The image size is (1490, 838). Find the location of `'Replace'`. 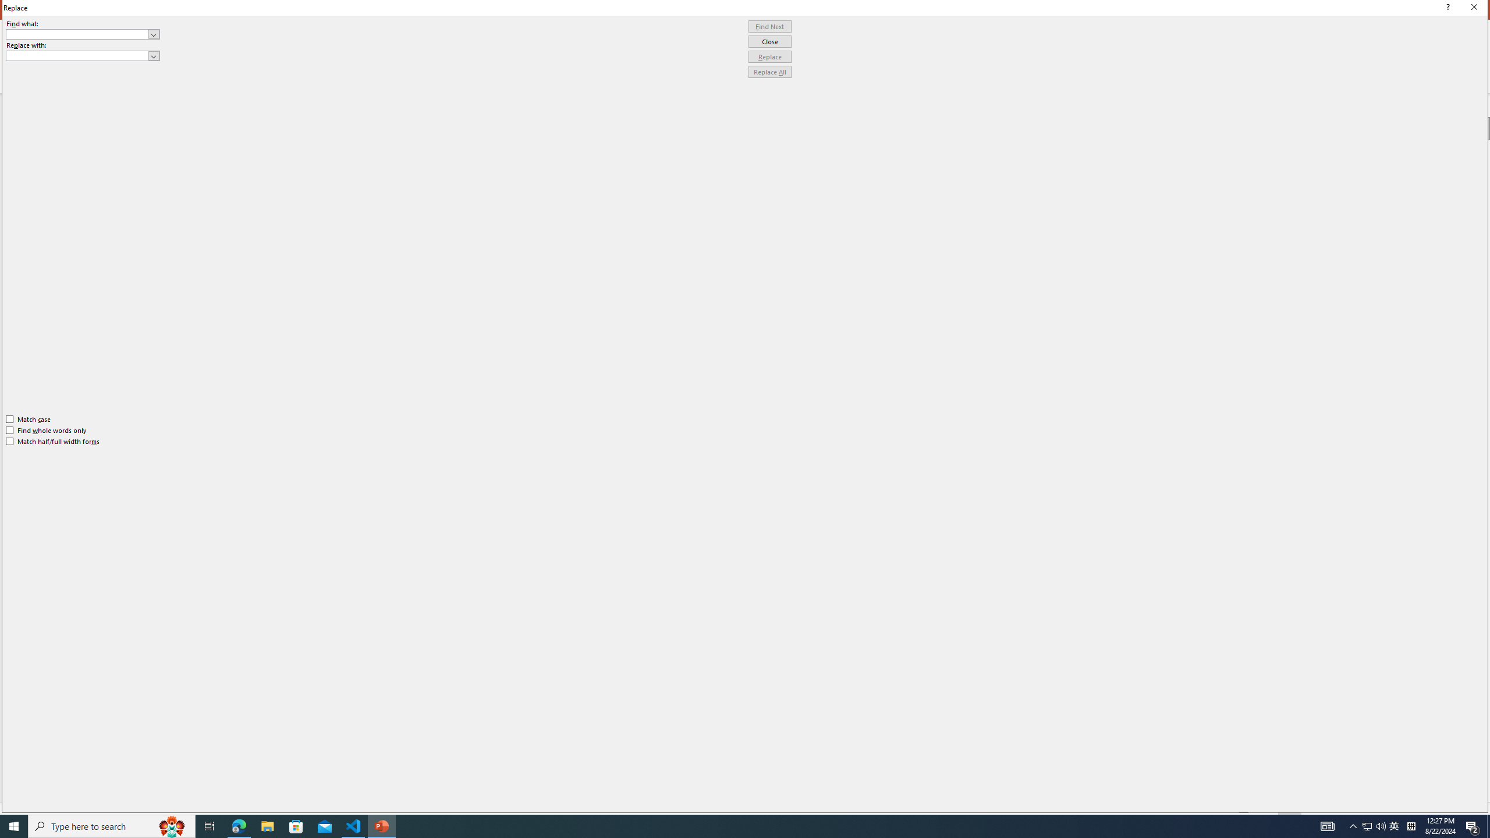

'Replace' is located at coordinates (769, 56).